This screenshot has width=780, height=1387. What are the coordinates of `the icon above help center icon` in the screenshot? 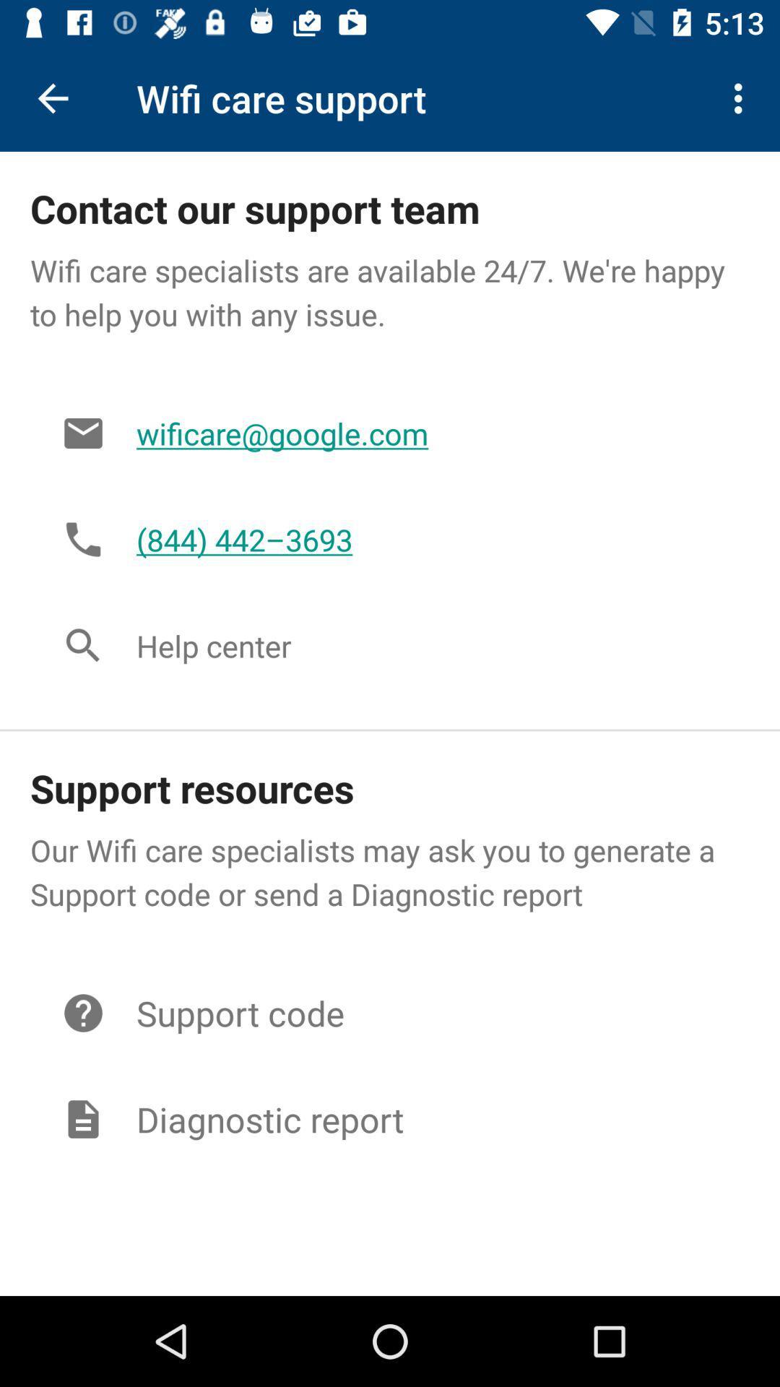 It's located at (427, 539).